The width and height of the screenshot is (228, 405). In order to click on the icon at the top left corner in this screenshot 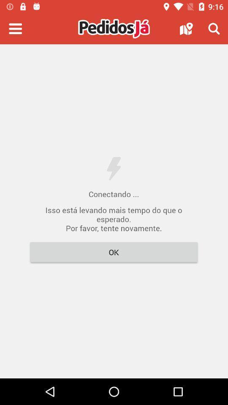, I will do `click(15, 29)`.